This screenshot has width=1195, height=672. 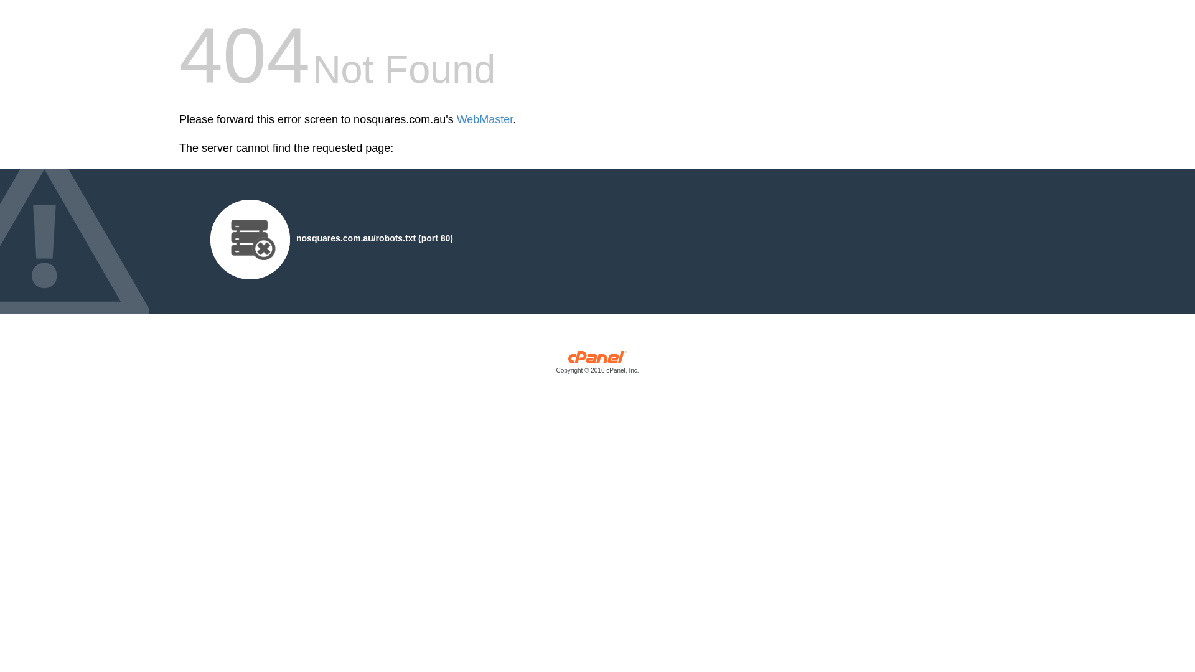 What do you see at coordinates (484, 119) in the screenshot?
I see `'WebMaster'` at bounding box center [484, 119].